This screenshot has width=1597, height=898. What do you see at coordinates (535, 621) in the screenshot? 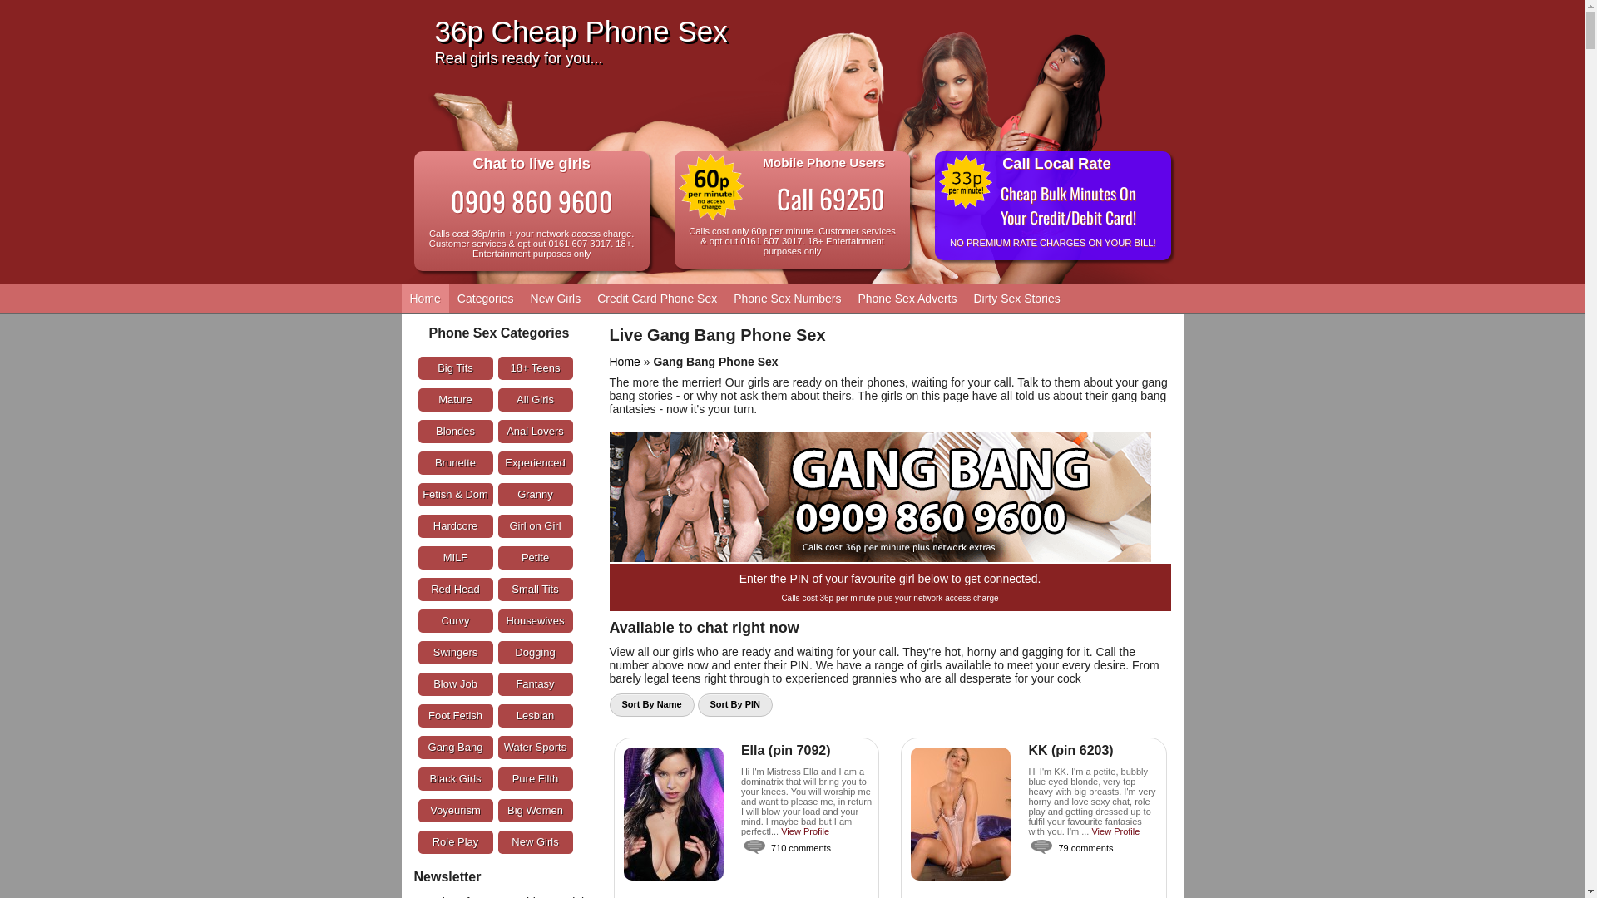
I see `'Housewives'` at bounding box center [535, 621].